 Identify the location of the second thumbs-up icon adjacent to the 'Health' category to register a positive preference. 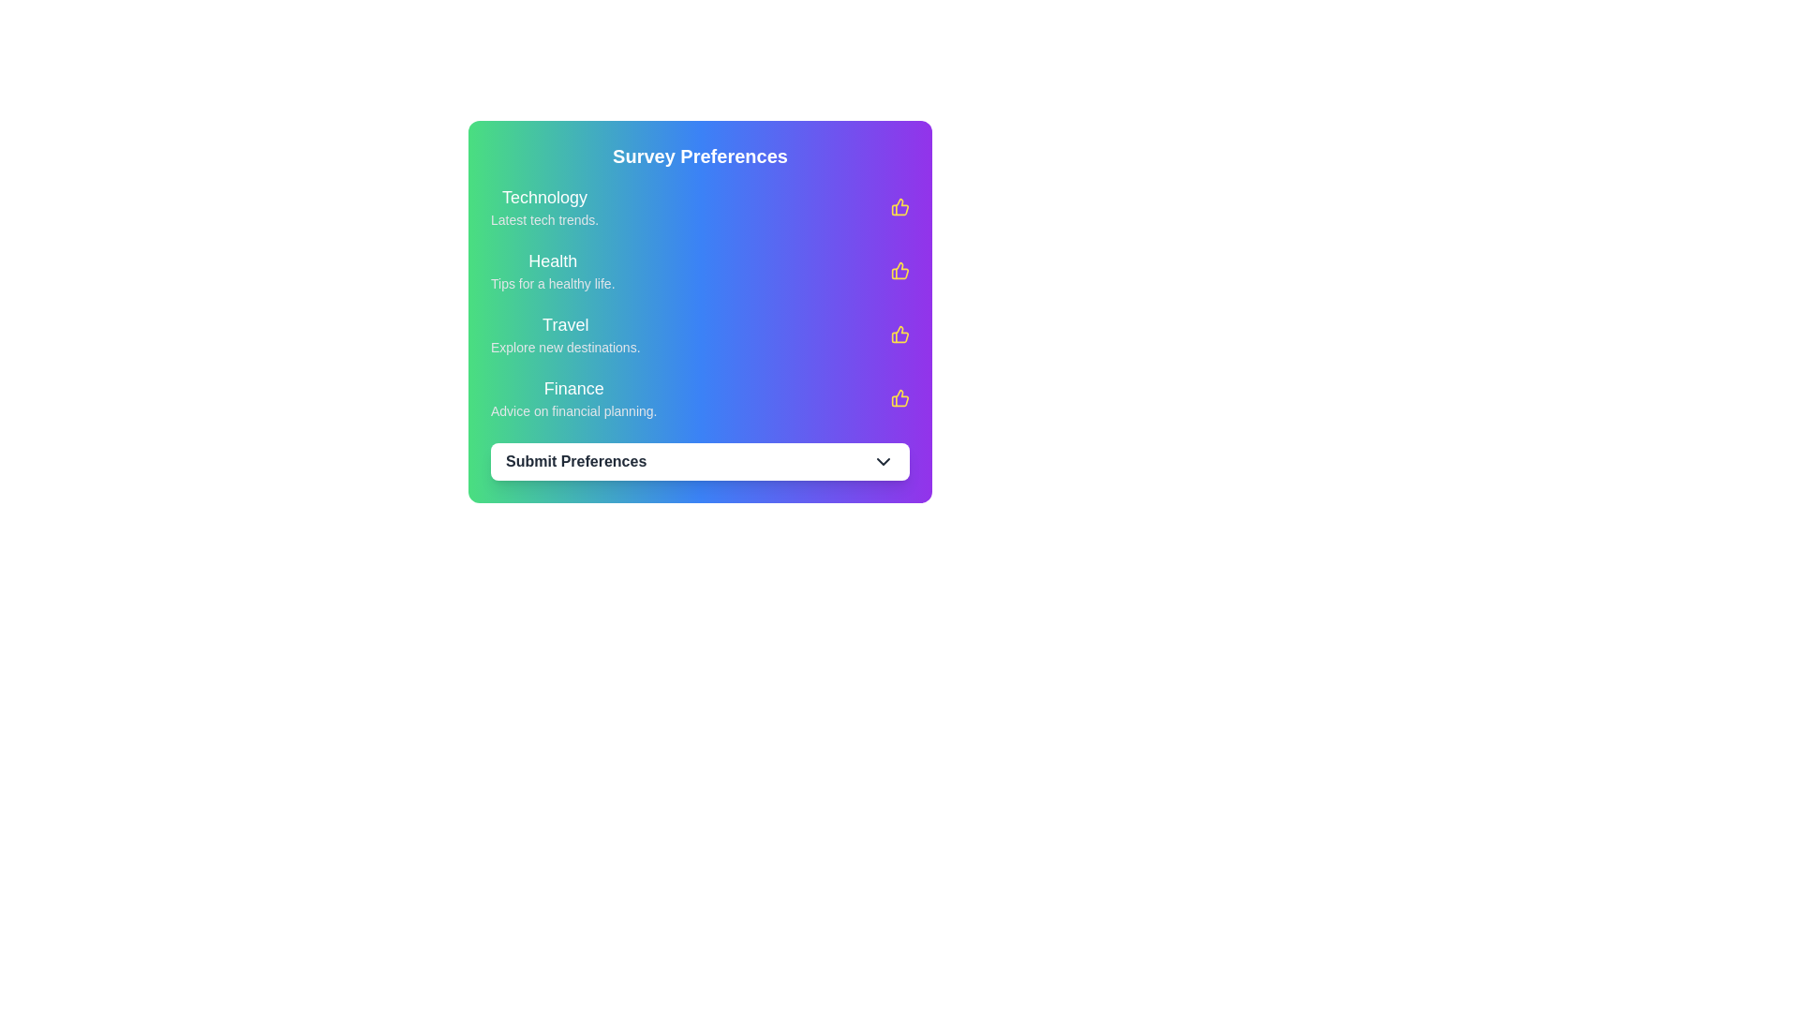
(899, 271).